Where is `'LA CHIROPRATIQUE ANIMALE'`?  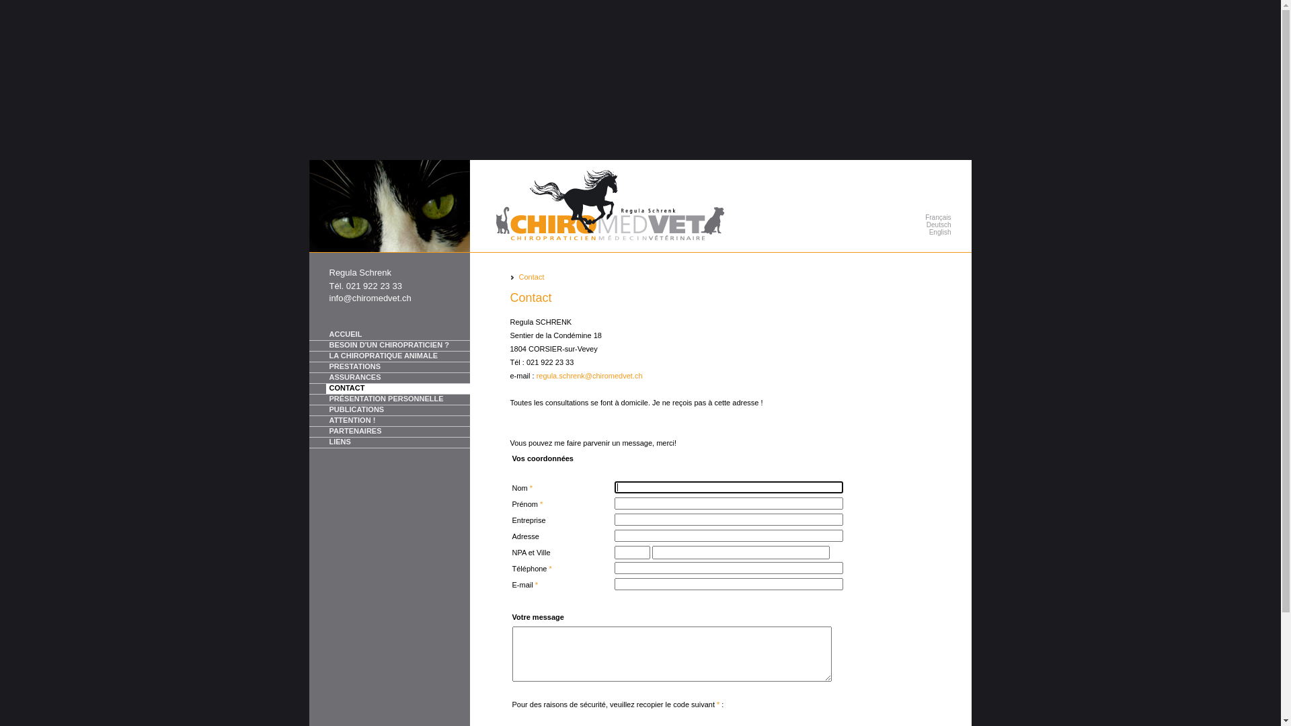
'LA CHIROPRATIQUE ANIMALE' is located at coordinates (309, 356).